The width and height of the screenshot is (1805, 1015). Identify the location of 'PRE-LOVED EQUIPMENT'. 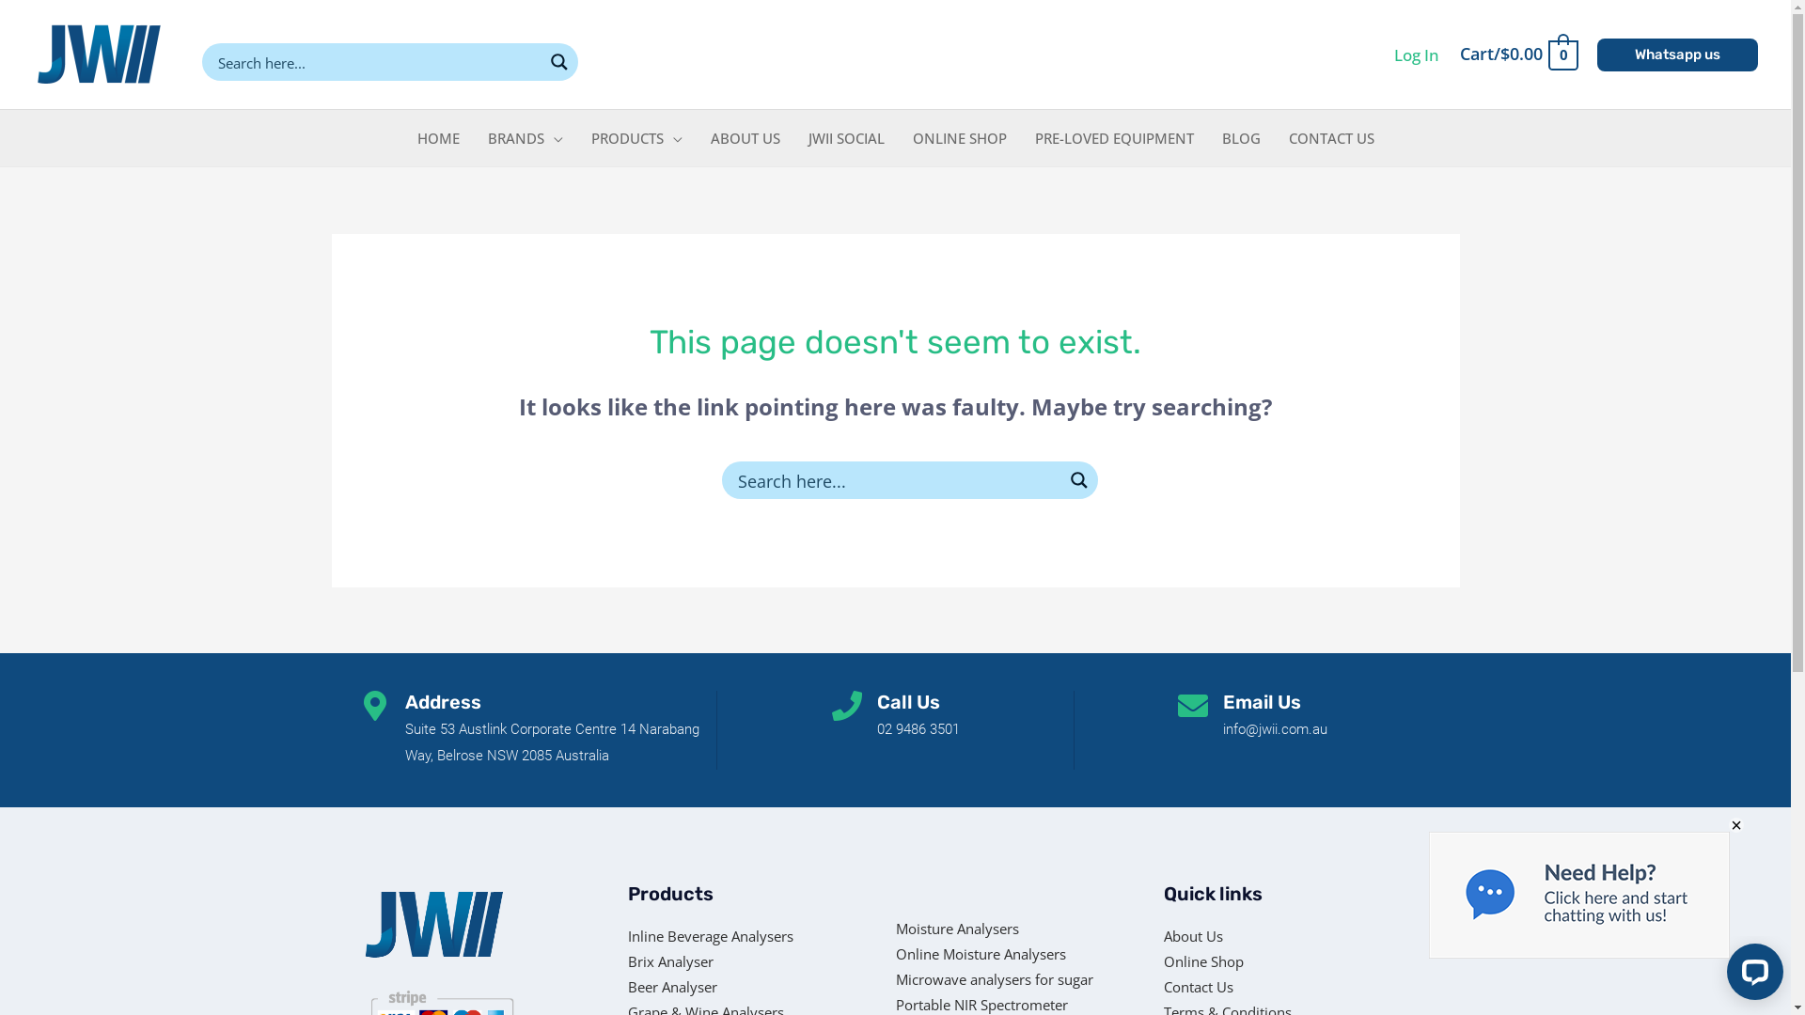
(1114, 136).